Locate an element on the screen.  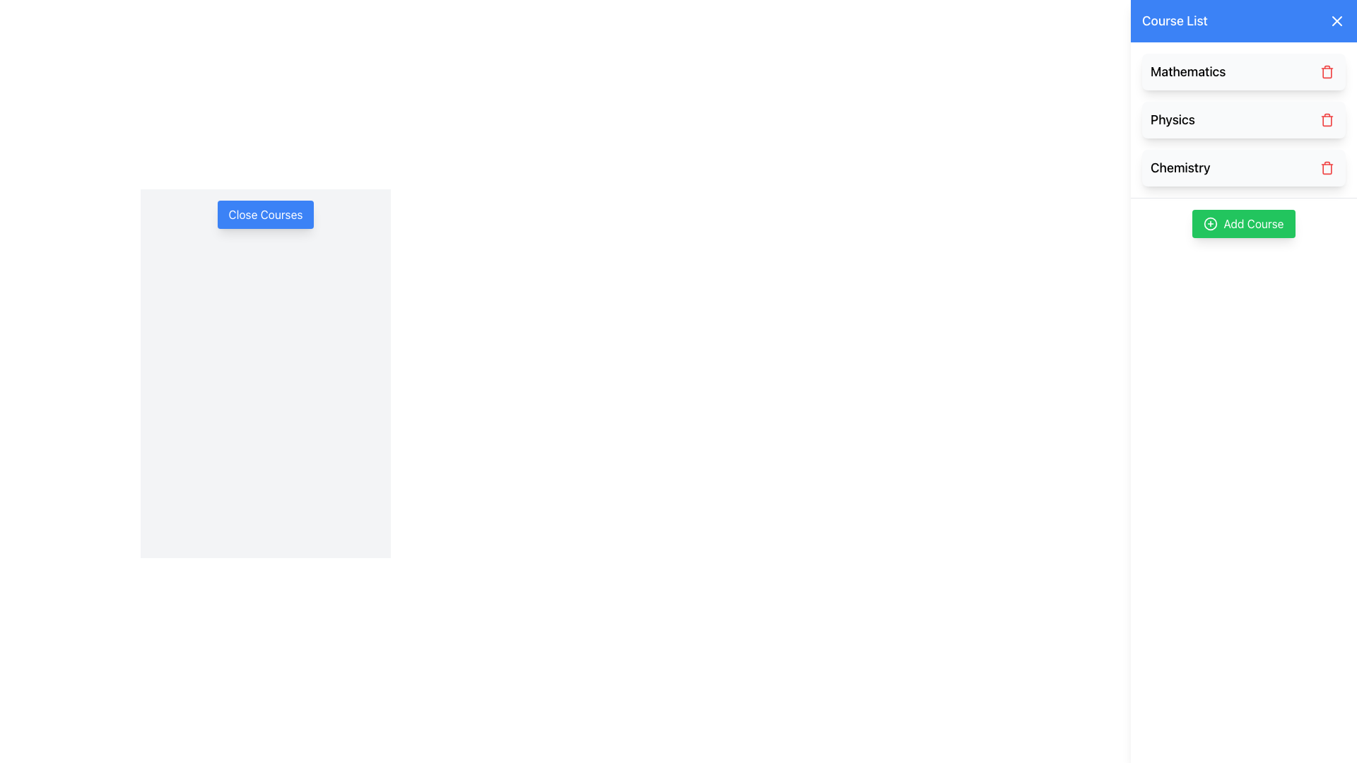
the small 'X' button in the top-right corner of the 'Course List' header for additional visual feedback is located at coordinates (1336, 21).